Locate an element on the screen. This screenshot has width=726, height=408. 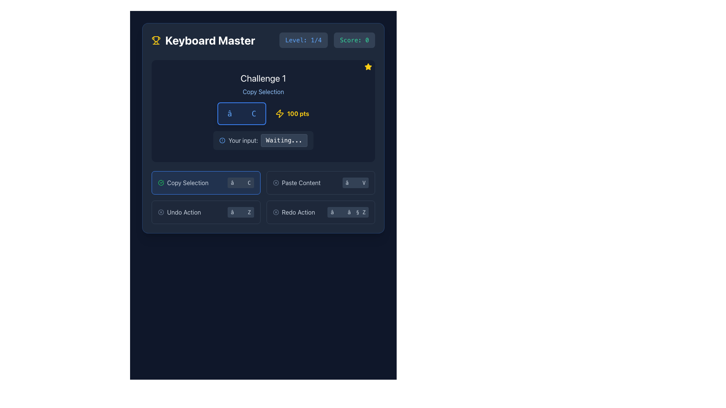
the 'Undo Action' informational panel, which is the third element in a grid layout, positioned below 'Copy Selection' and 'Paste Content', and to the left of 'Redo Action' is located at coordinates (206, 212).